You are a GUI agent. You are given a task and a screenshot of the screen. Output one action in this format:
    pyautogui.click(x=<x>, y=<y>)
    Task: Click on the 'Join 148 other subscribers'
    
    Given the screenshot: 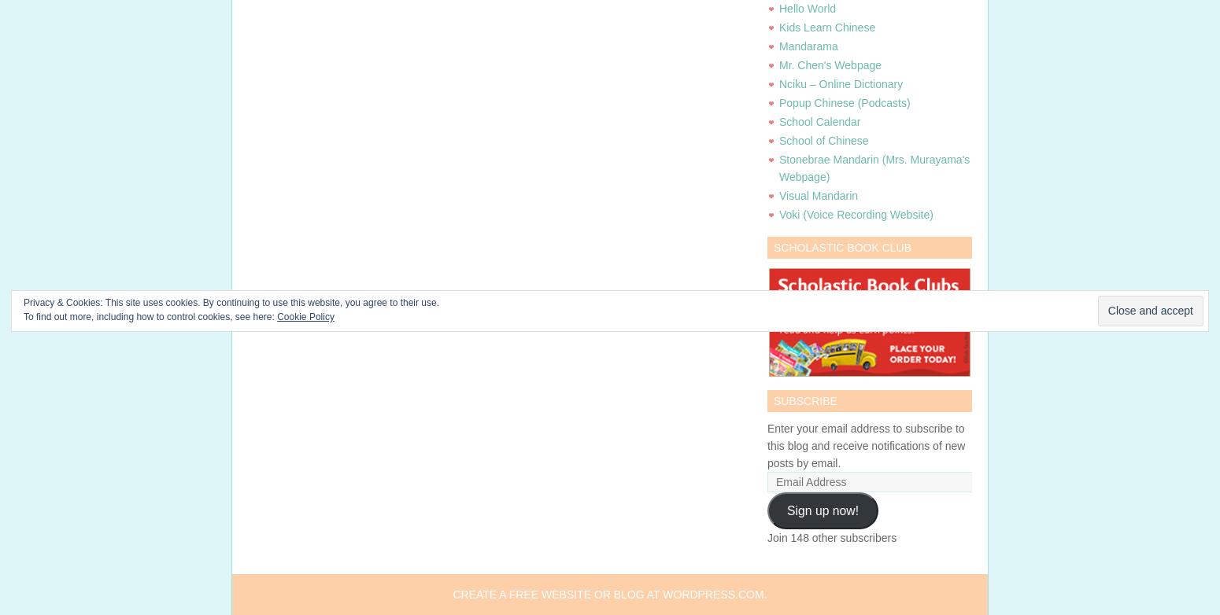 What is the action you would take?
    pyautogui.click(x=831, y=537)
    